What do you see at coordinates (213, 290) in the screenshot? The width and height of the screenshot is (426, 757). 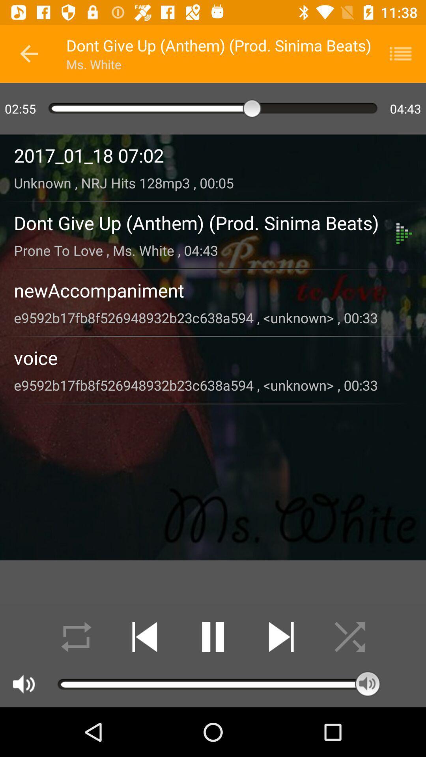 I see `item above the e9592b17fb8f526948932b23c638a594 unknown 00 icon` at bounding box center [213, 290].